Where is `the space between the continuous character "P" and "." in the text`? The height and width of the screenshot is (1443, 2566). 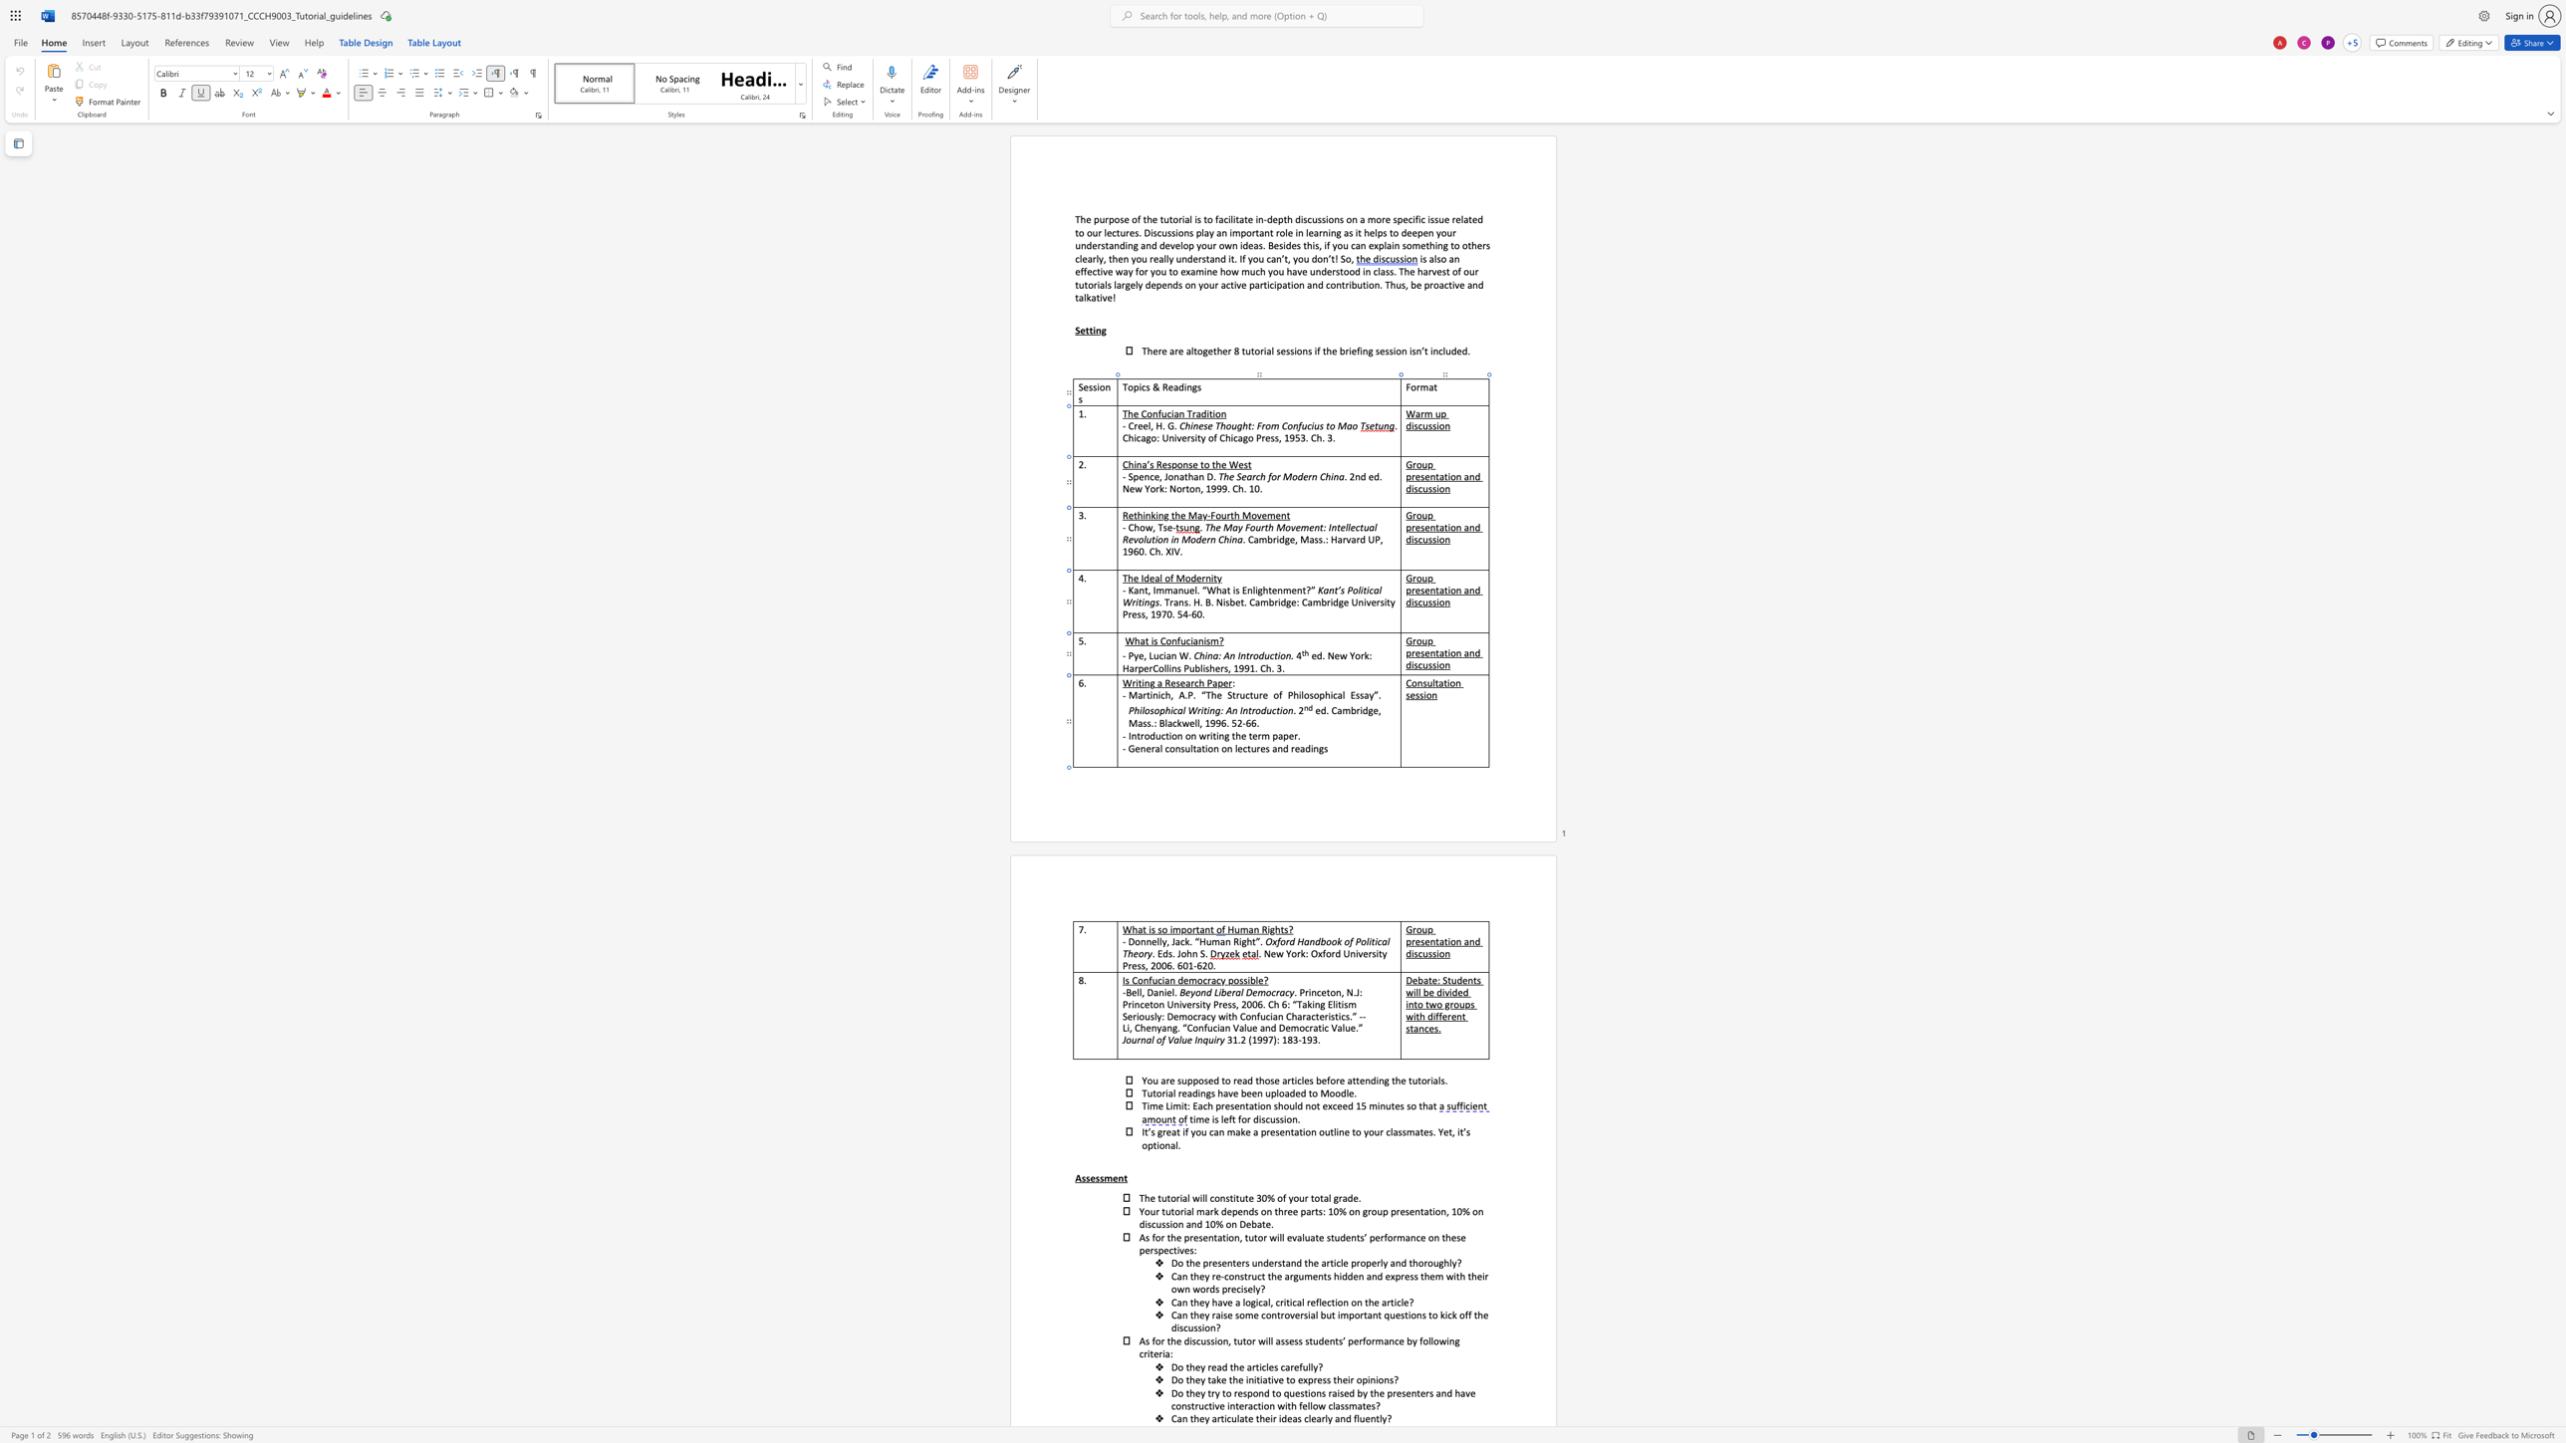 the space between the continuous character "P" and "." in the text is located at coordinates (1191, 694).